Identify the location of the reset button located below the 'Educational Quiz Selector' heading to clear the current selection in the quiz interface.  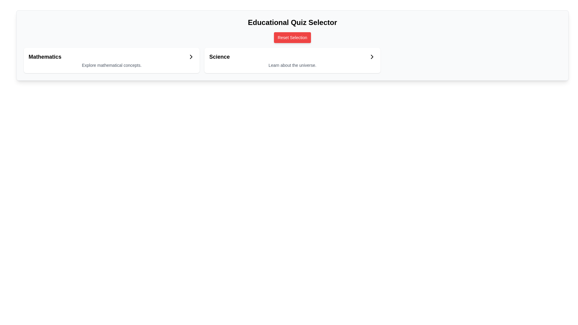
(292, 37).